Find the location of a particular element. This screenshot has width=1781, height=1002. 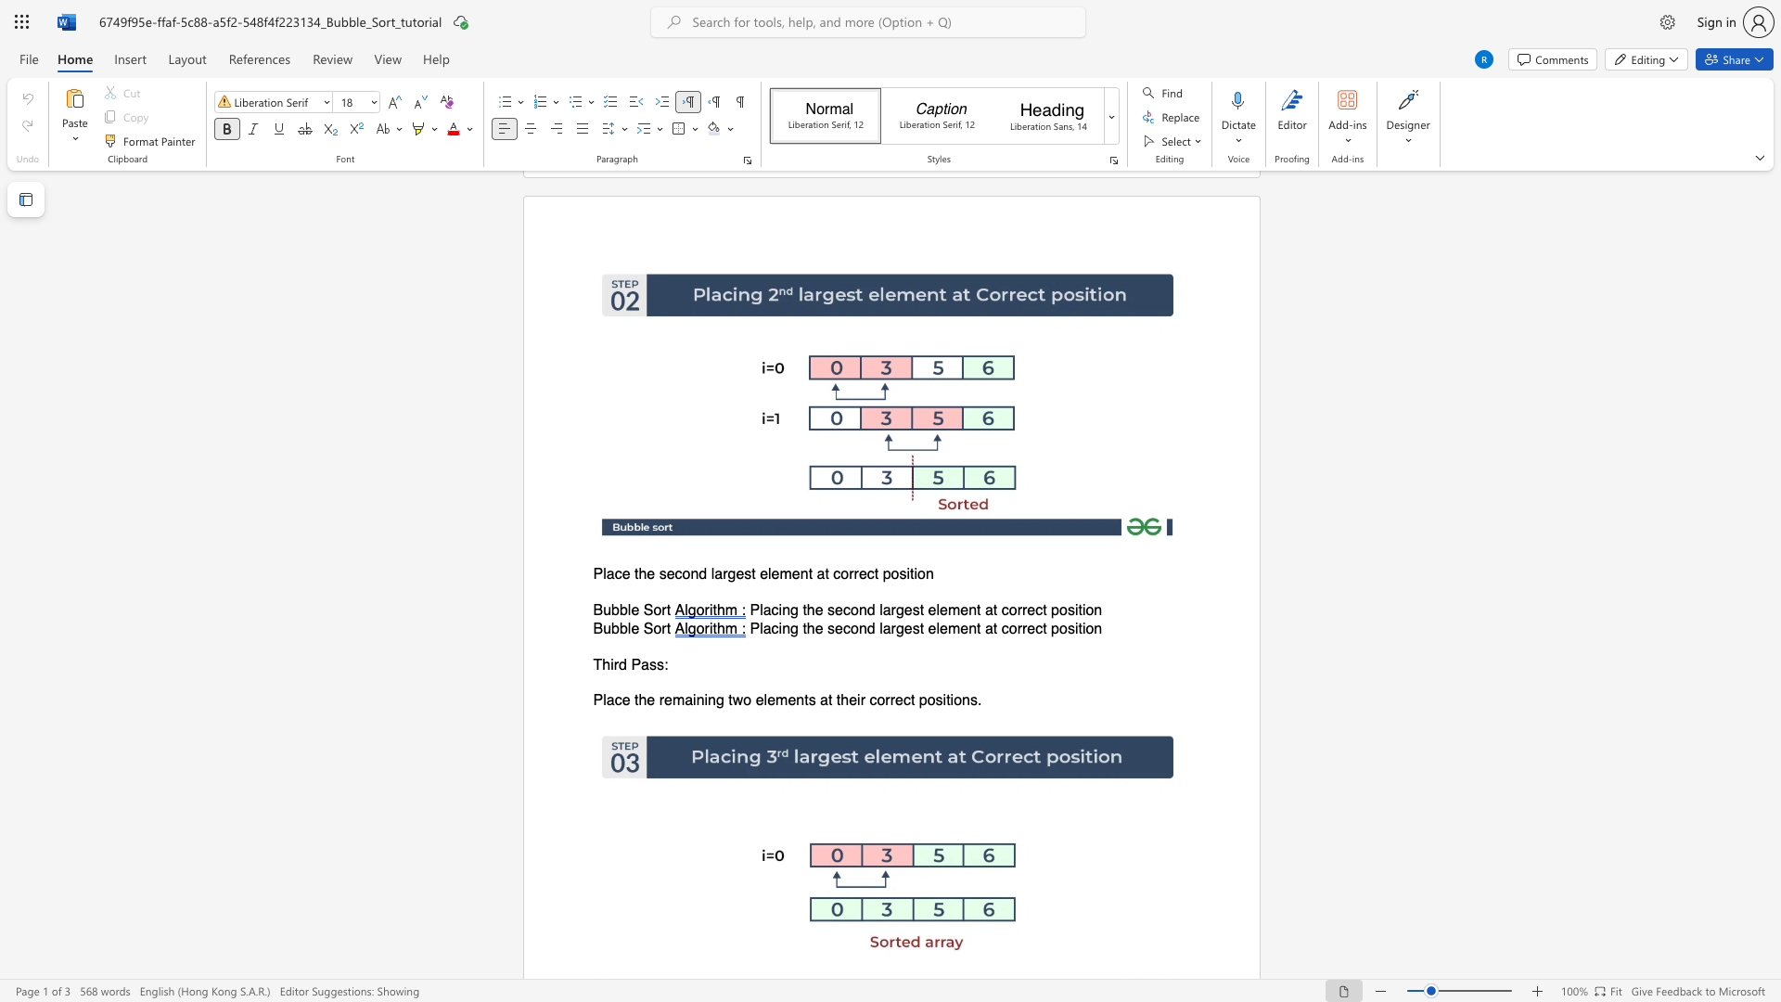

the subset text "correct posi" within the text "Placing the second largest element at correct position" is located at coordinates (1000, 610).